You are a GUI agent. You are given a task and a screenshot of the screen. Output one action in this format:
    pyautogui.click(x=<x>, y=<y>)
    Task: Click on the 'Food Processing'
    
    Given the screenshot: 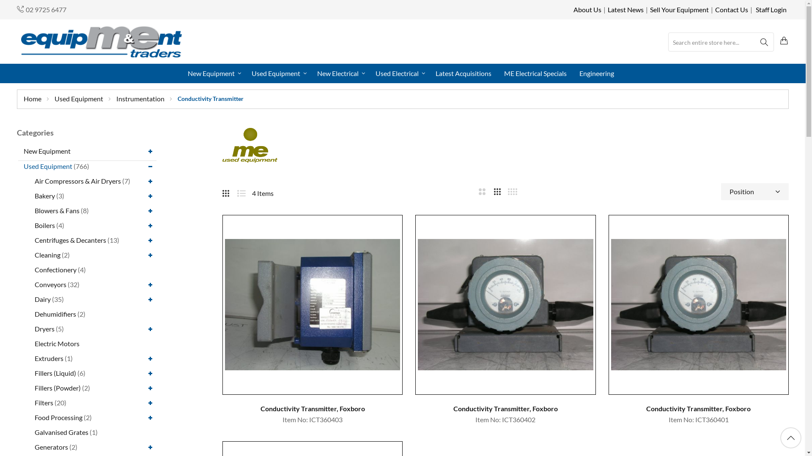 What is the action you would take?
    pyautogui.click(x=58, y=416)
    